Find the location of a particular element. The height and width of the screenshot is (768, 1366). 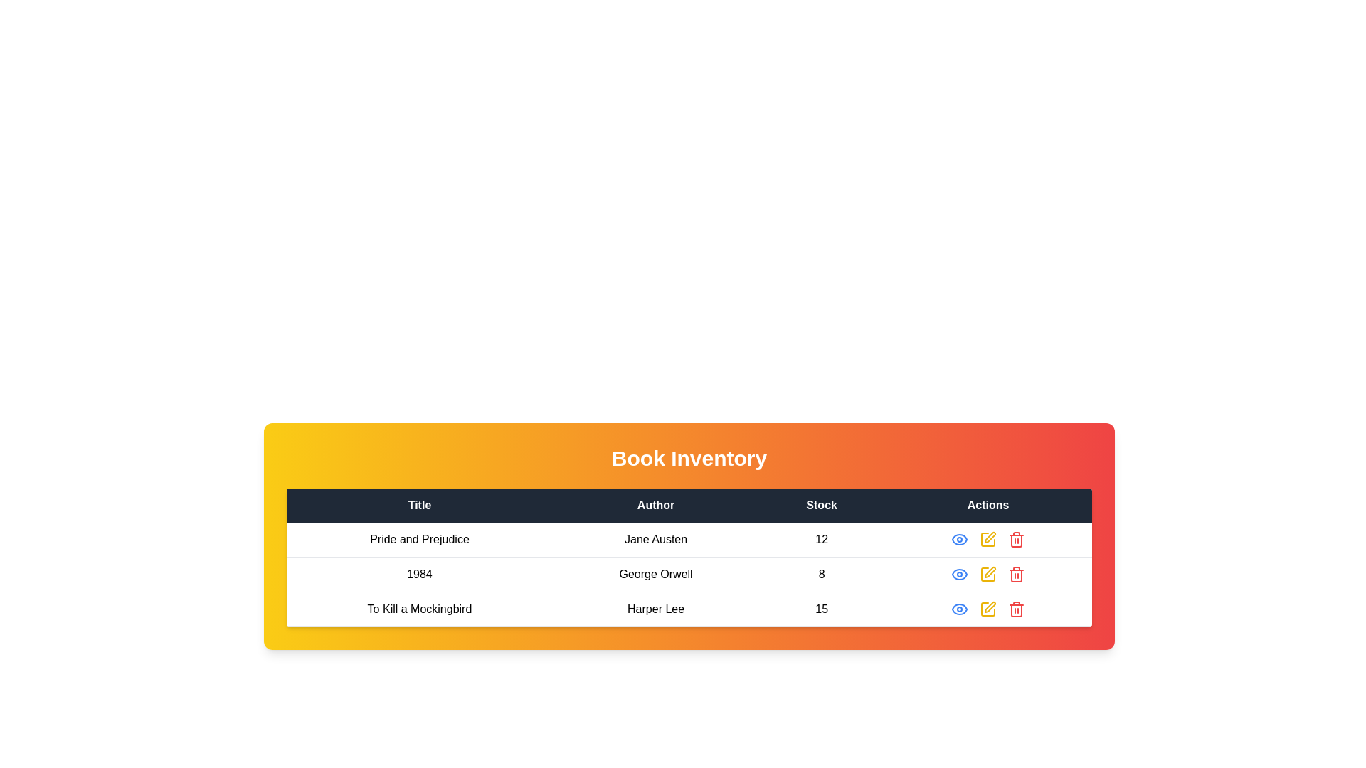

the delete icon button located in the 'Actions' column of the last entry in the table for the book 'To Kill a Mockingbird' is located at coordinates (1016, 608).